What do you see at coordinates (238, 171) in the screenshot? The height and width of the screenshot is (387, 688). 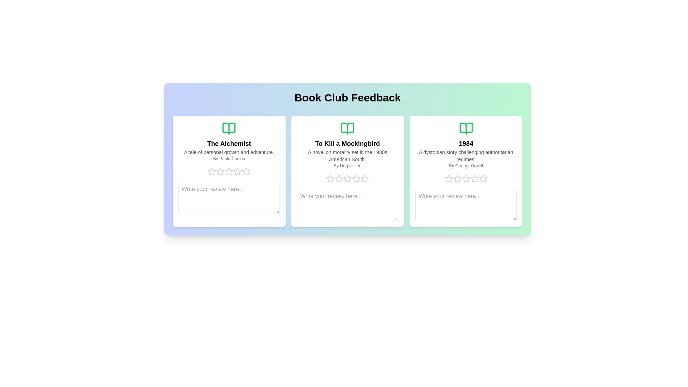 I see `the fifth rating star icon in the rating section below the title 'The Alchemist'` at bounding box center [238, 171].